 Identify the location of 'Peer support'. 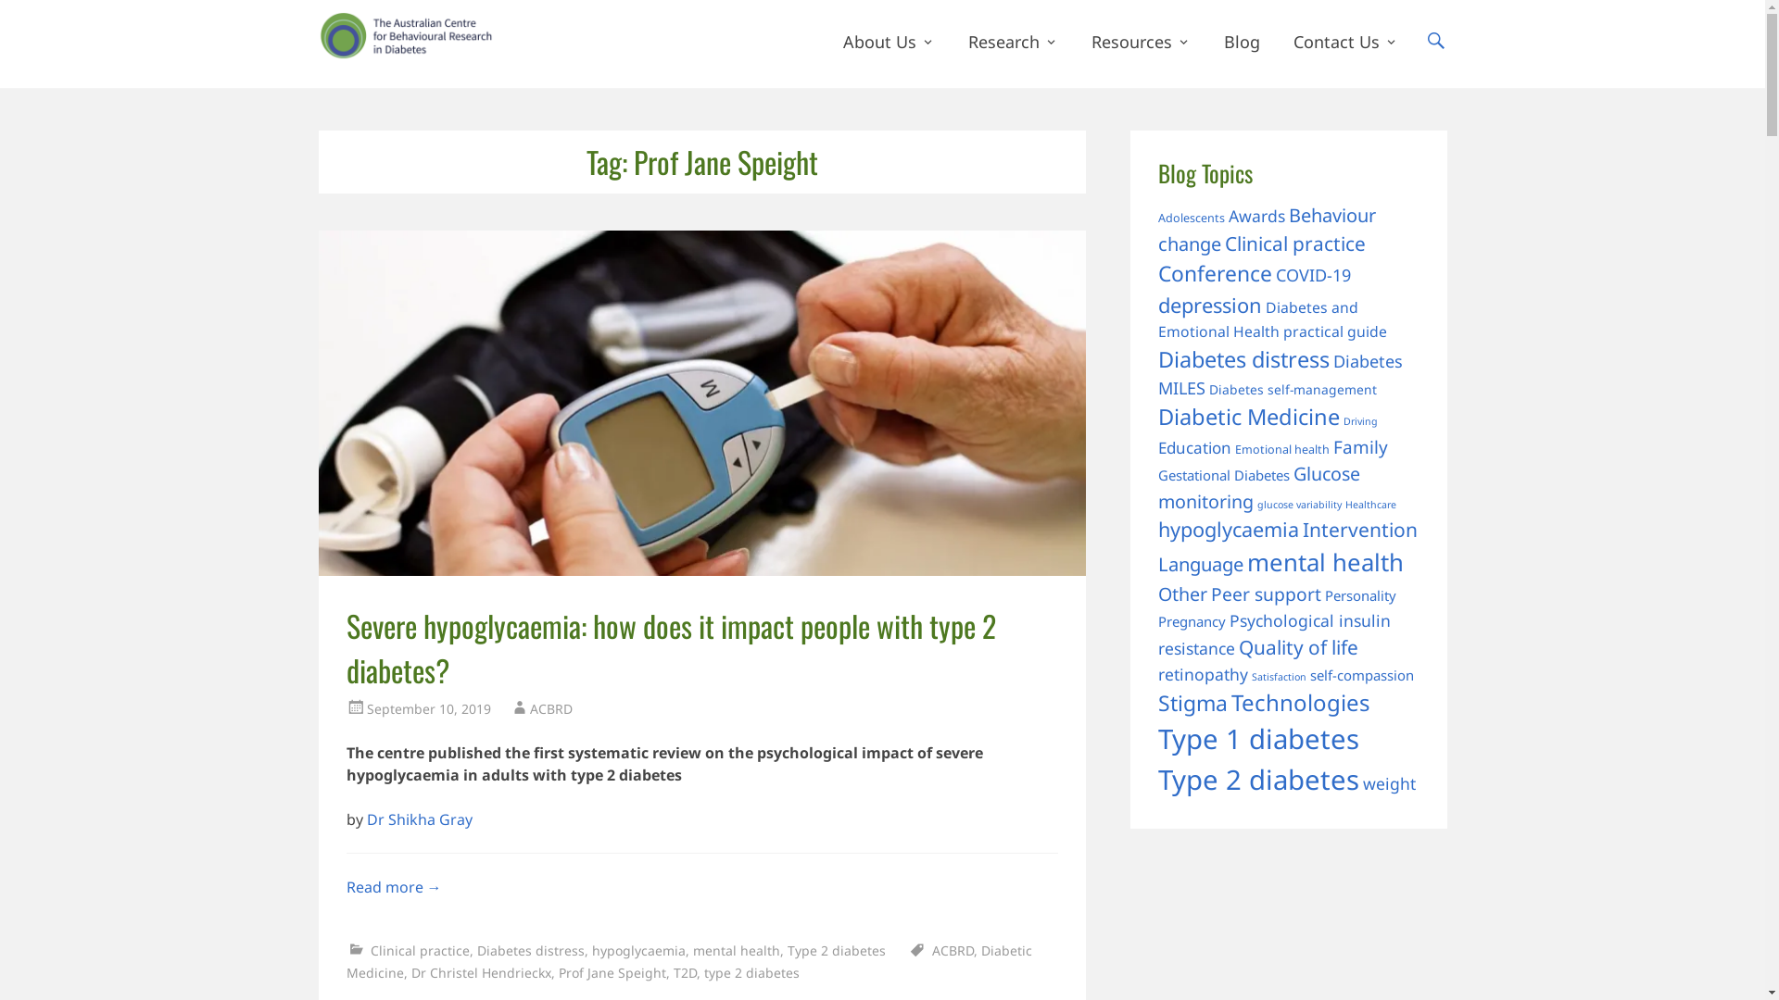
(1265, 594).